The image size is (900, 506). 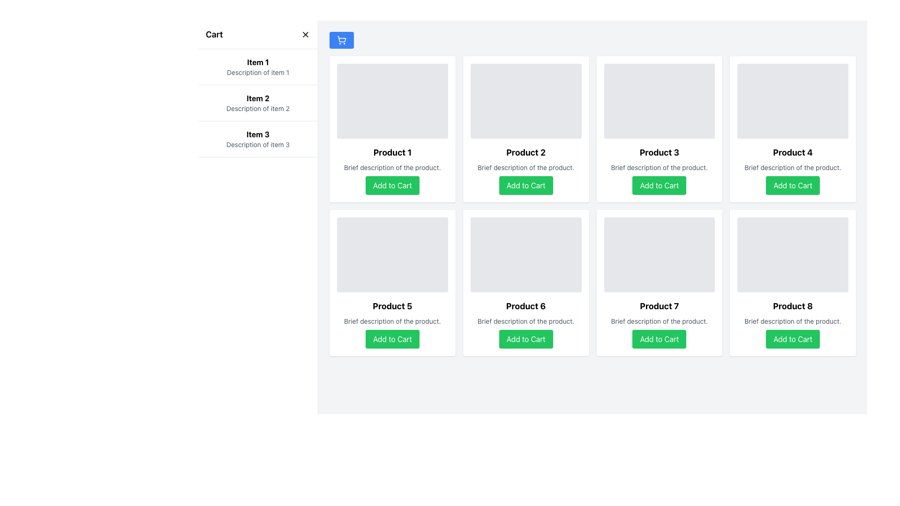 What do you see at coordinates (341, 39) in the screenshot?
I see `the shopping cart button located in the top-right area of the interface` at bounding box center [341, 39].